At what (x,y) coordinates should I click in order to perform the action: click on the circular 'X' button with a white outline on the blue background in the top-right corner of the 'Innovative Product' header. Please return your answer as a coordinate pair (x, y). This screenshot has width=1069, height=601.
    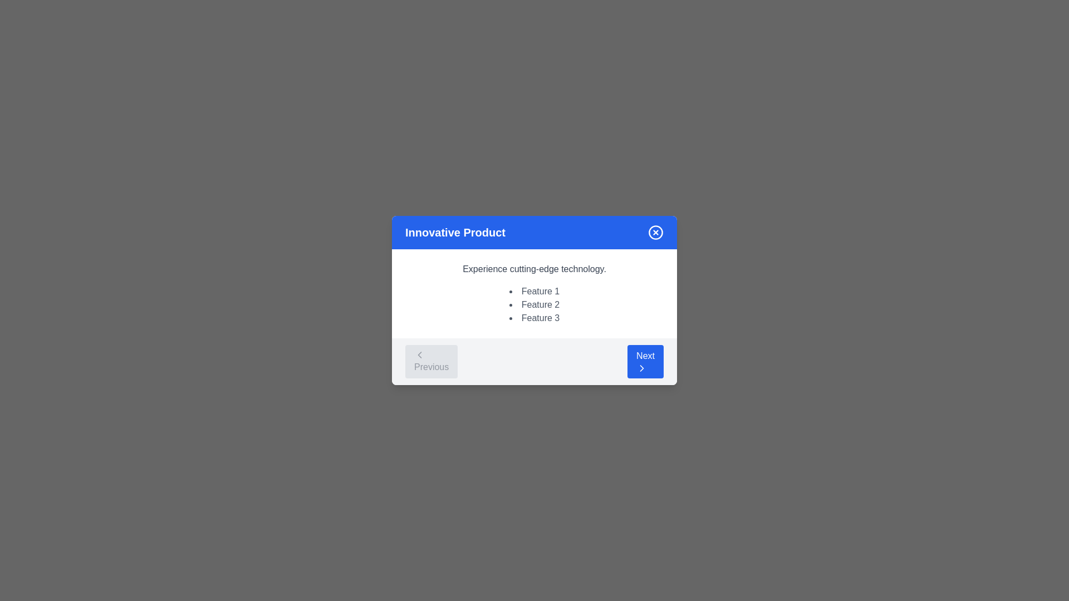
    Looking at the image, I should click on (655, 231).